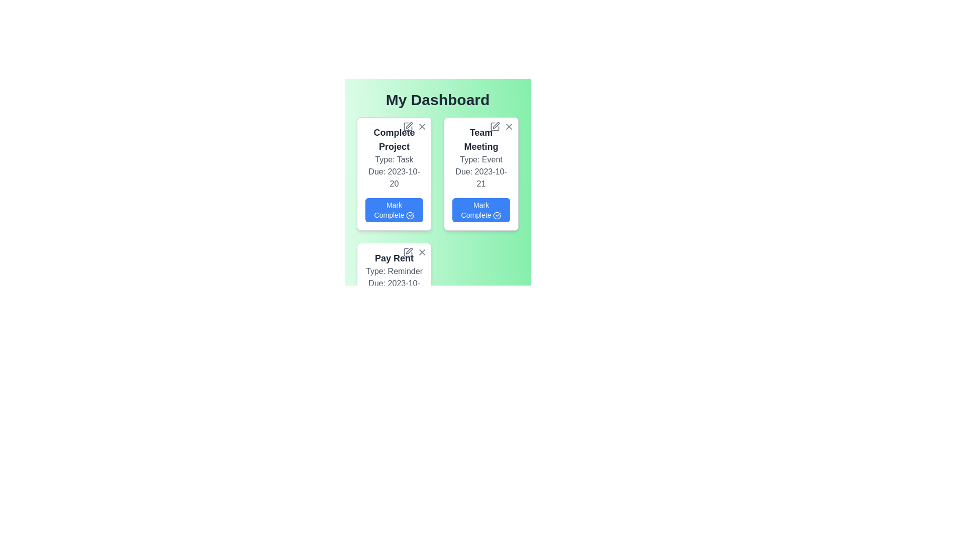  What do you see at coordinates (495, 126) in the screenshot?
I see `the pen-shaped icon in the top-right corner of the 'Team Meeting' card to change its color to blue` at bounding box center [495, 126].